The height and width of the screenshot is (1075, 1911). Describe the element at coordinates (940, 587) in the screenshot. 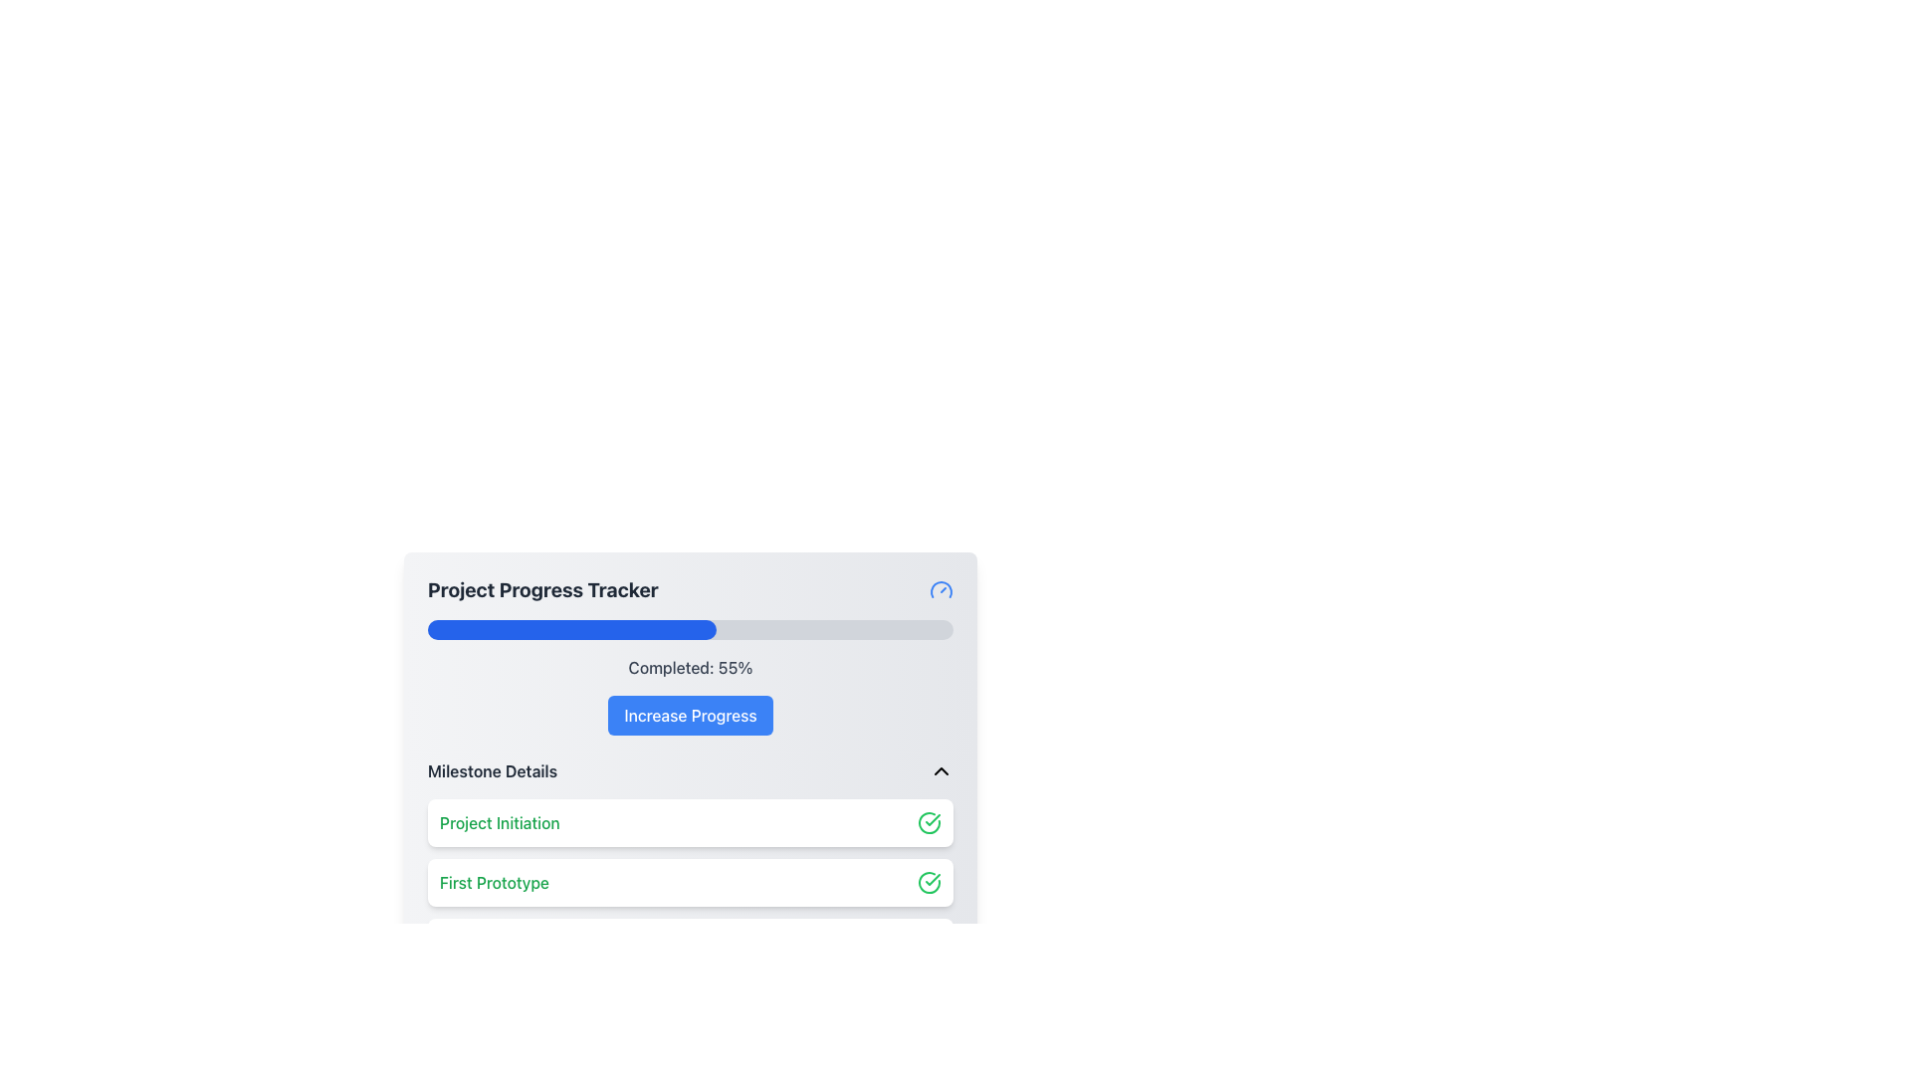

I see `the larger circular arc of the SVG gauge icon located in the top-right of the progress tracker interface` at that location.